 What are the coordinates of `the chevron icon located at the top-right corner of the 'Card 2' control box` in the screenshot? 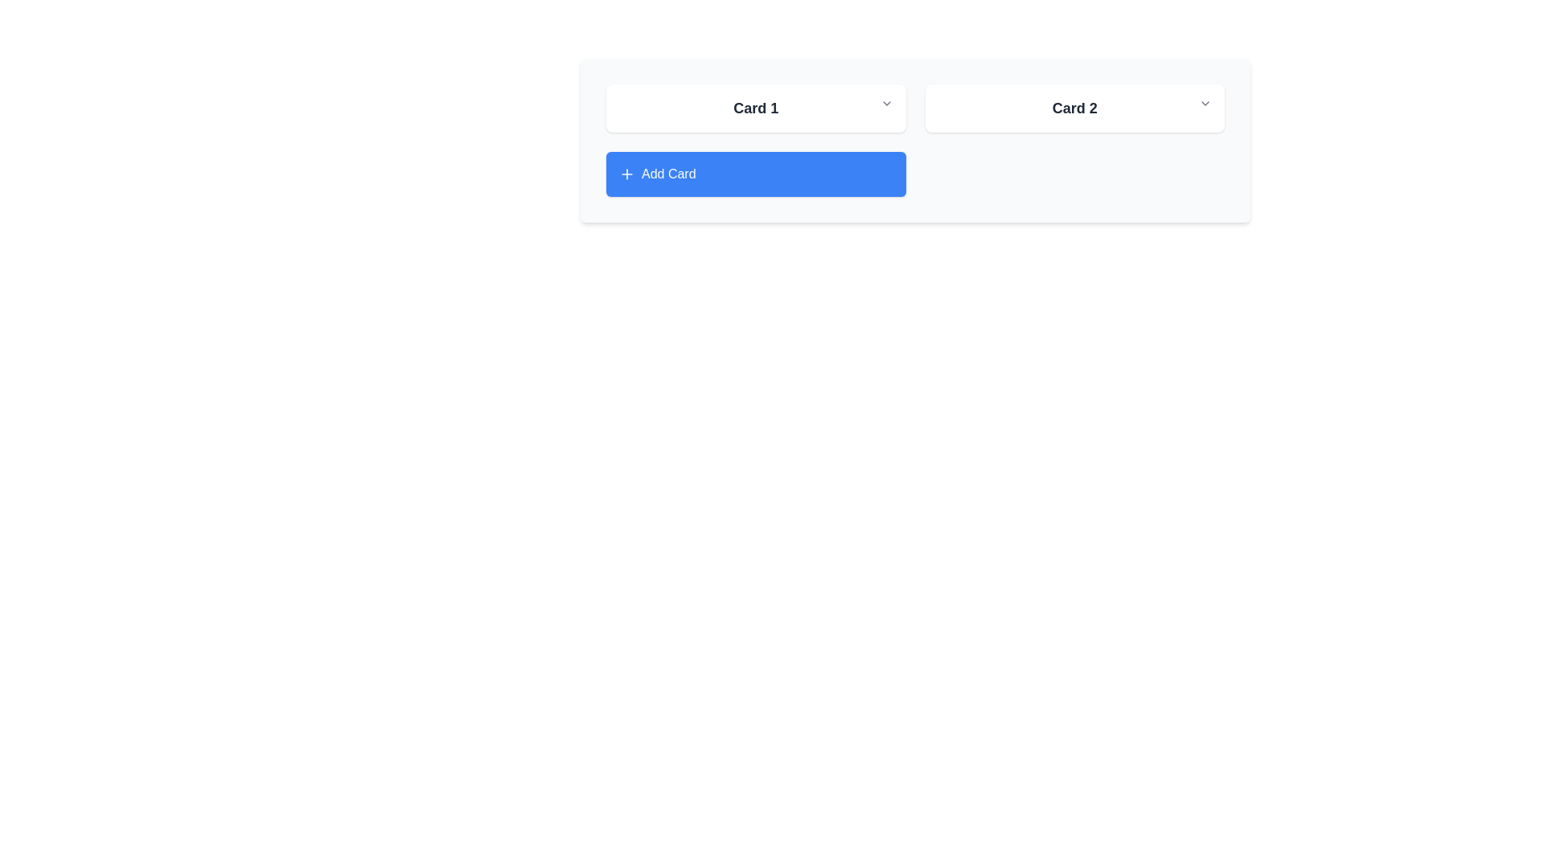 It's located at (1205, 103).